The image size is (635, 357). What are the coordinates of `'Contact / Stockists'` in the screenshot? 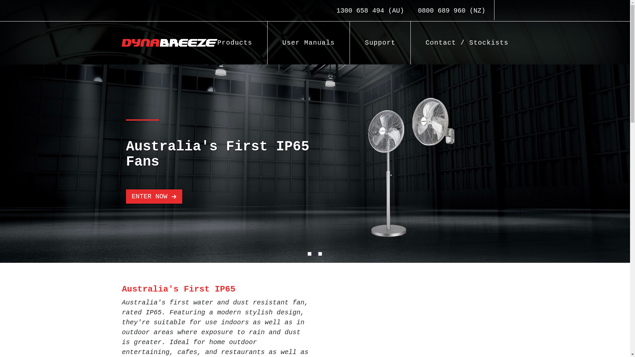 It's located at (459, 43).